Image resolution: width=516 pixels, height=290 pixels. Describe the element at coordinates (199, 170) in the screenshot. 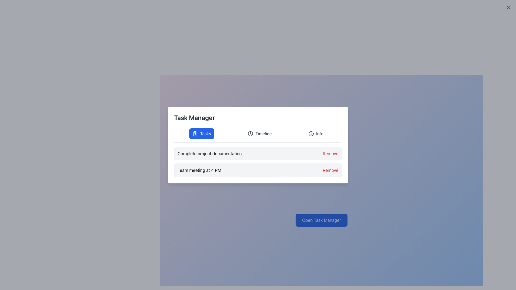

I see `text displayed in the Text Label that shows 'Team meeting at 4 PM', which is left-aligned in the second row of the task list under the 'Task Manager' section` at that location.